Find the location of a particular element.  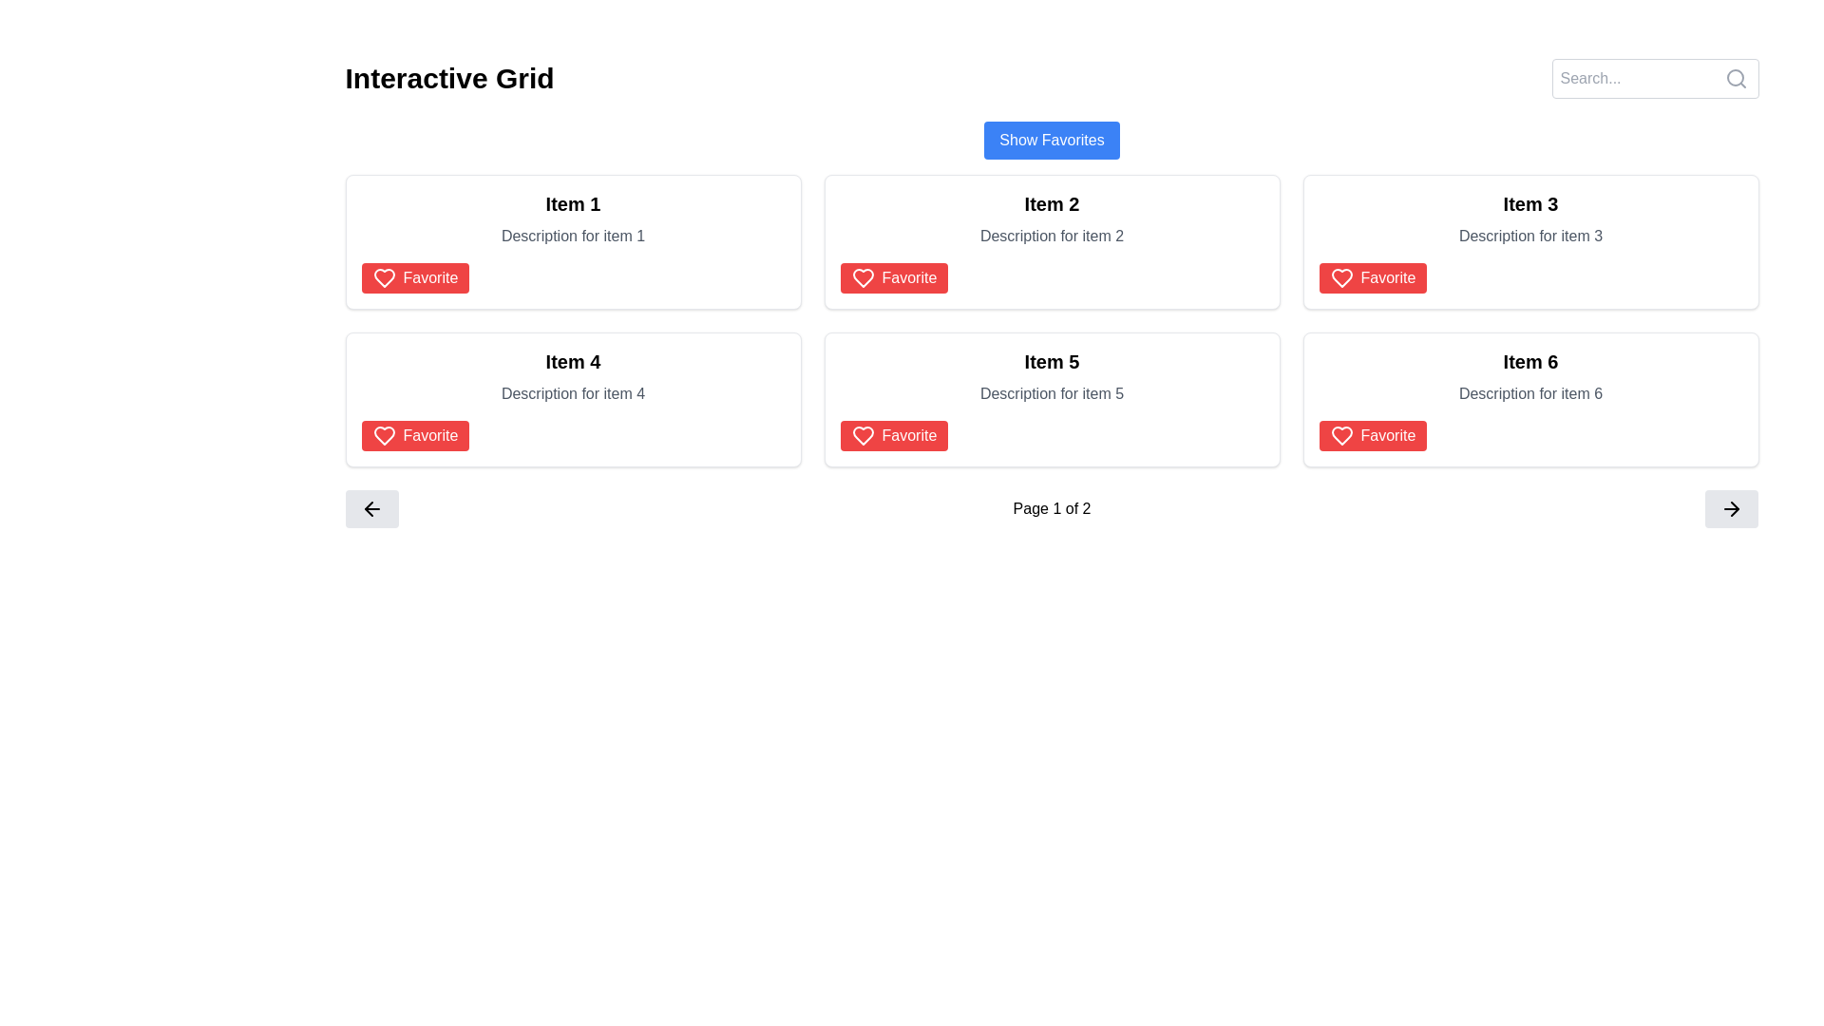

the text label providing additional information about the 'Item 5' card, located in the second row and third column of the grid layout, positioned below the title 'Item 5' and above the 'Favorite' button is located at coordinates (1051, 393).